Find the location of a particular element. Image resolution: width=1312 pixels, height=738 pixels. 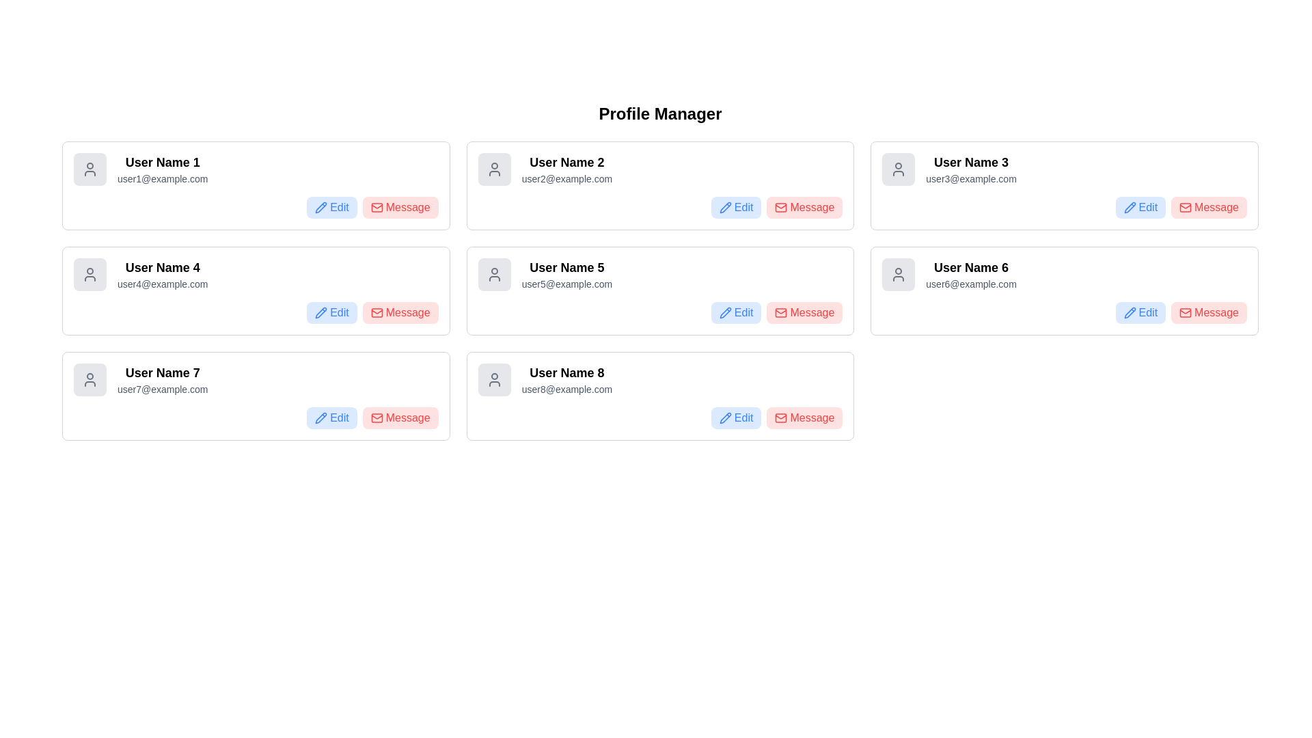

the envelope icon within the 'Message' button associated with 'User Name 7', which is highlighted in red is located at coordinates (377, 418).